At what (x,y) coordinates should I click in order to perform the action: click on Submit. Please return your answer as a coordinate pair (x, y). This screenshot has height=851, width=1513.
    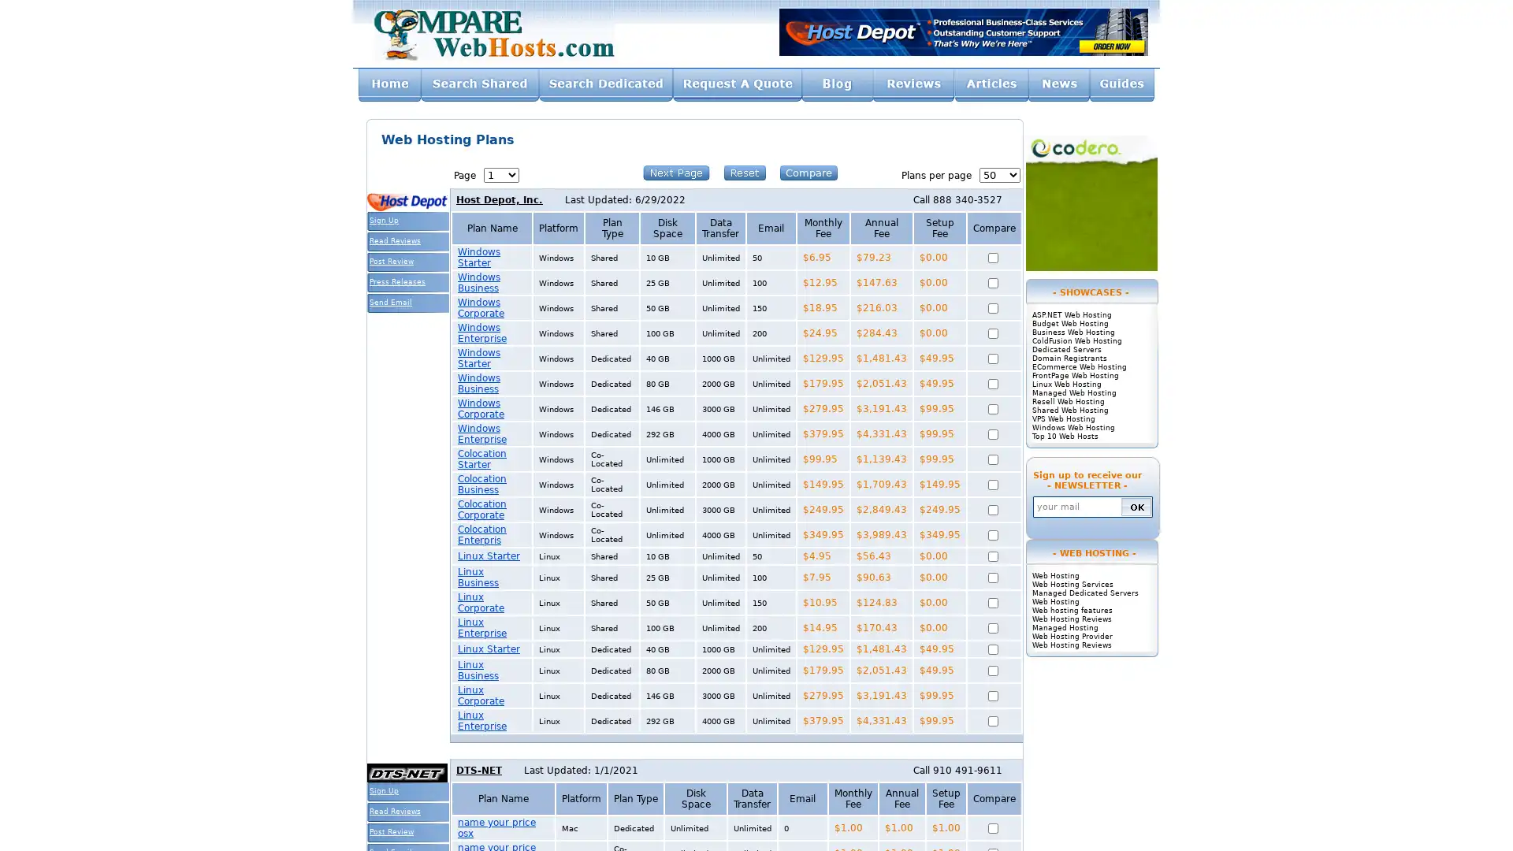
    Looking at the image, I should click on (1136, 506).